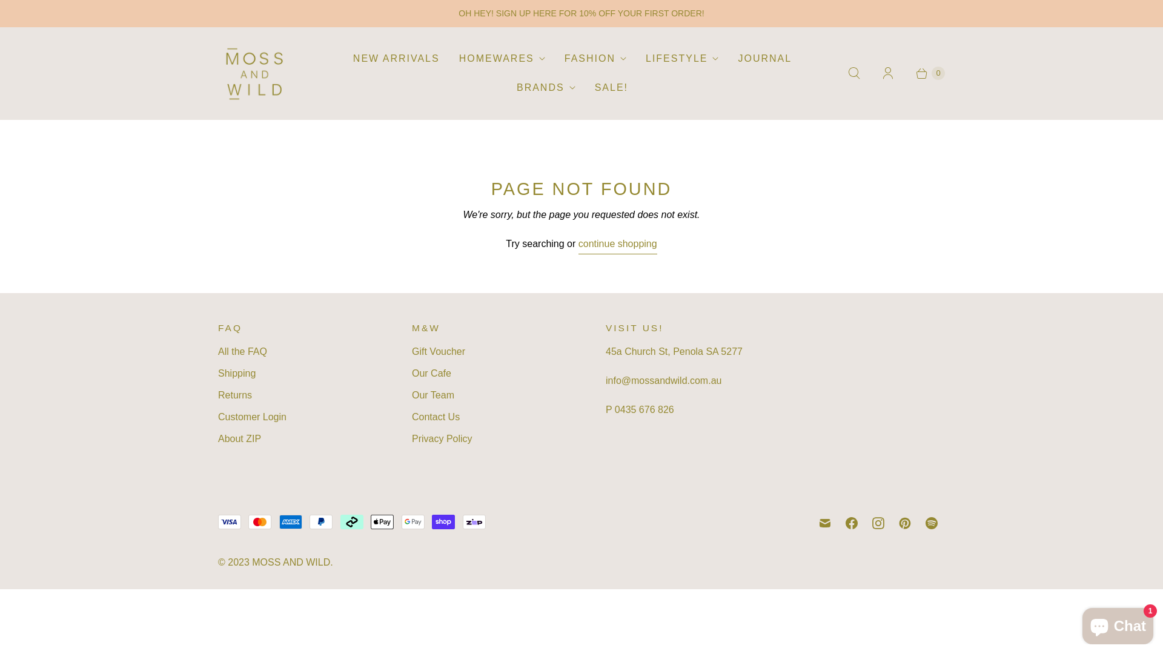 This screenshot has height=654, width=1163. Describe the element at coordinates (578, 245) in the screenshot. I see `'continue shopping'` at that location.